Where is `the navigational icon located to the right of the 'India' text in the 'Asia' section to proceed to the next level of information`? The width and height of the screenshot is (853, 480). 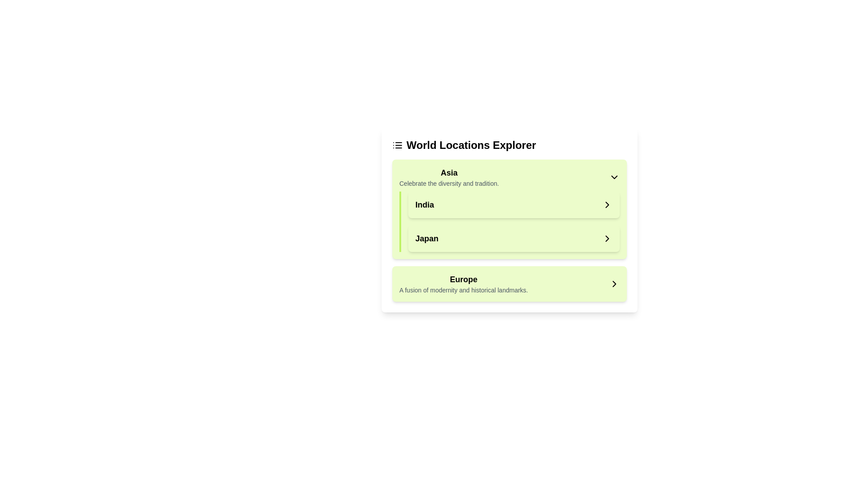 the navigational icon located to the right of the 'India' text in the 'Asia' section to proceed to the next level of information is located at coordinates (607, 205).